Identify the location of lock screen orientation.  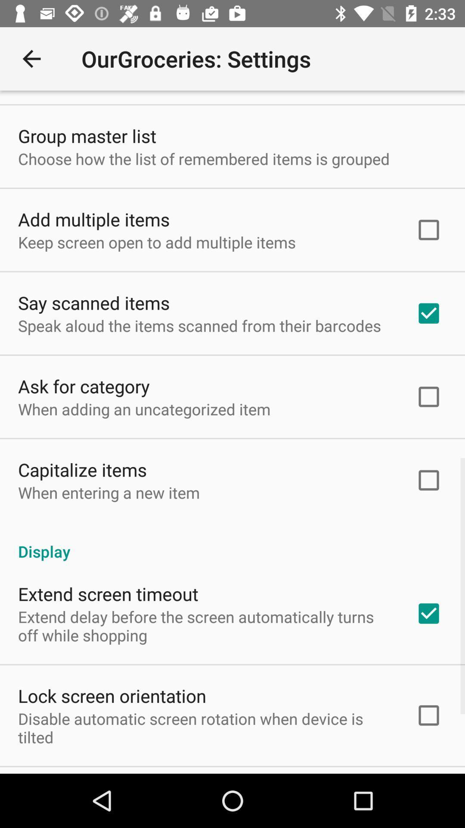
(112, 696).